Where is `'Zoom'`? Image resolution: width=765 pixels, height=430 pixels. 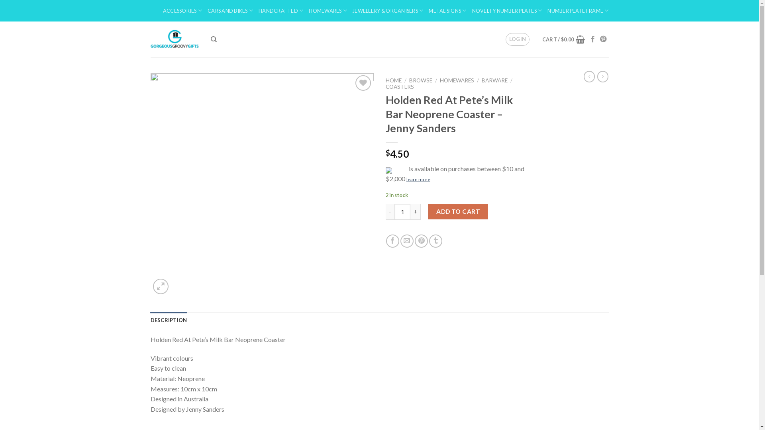 'Zoom' is located at coordinates (160, 286).